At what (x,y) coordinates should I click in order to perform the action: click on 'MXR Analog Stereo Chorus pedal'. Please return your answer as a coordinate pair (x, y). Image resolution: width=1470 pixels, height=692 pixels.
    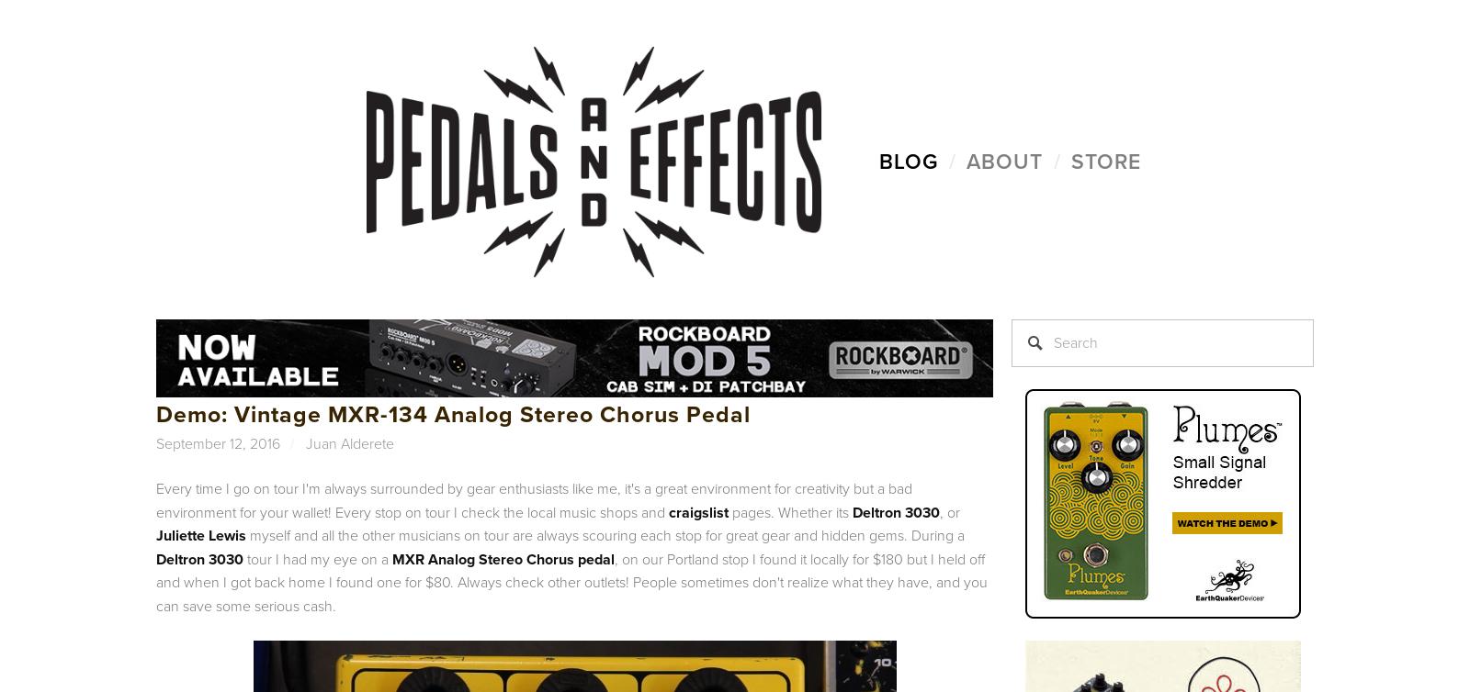
    Looking at the image, I should click on (503, 557).